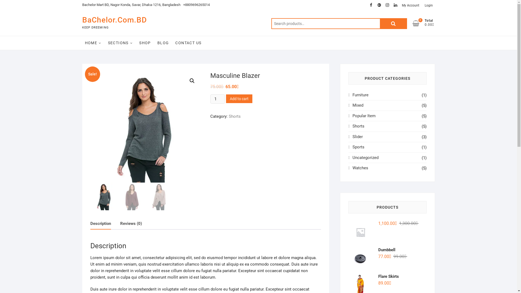 The width and height of the screenshot is (521, 293). Describe the element at coordinates (360, 167) in the screenshot. I see `'Watches'` at that location.